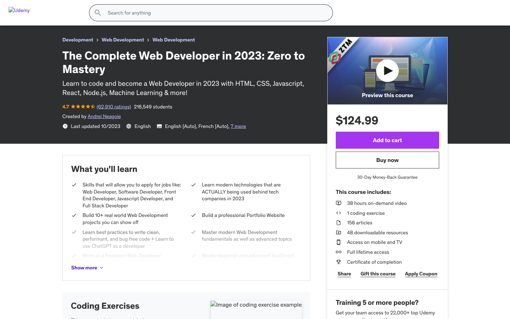 The image size is (510, 319). Describe the element at coordinates (209, 123) in the screenshot. I see `Clear the content in the tracking bar` at that location.